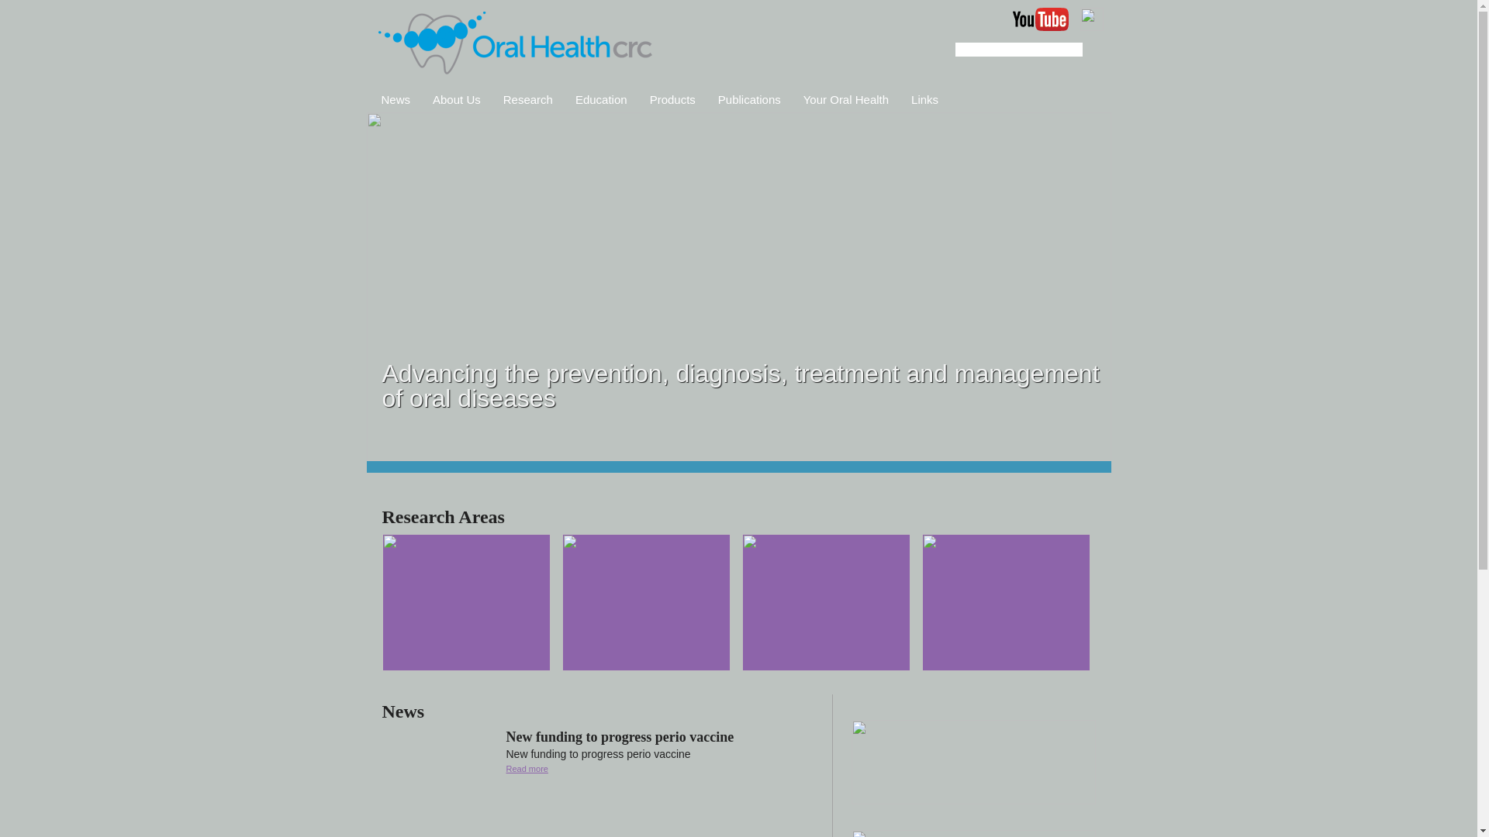 The width and height of the screenshot is (1489, 837). What do you see at coordinates (1082, 49) in the screenshot?
I see `'Search'` at bounding box center [1082, 49].